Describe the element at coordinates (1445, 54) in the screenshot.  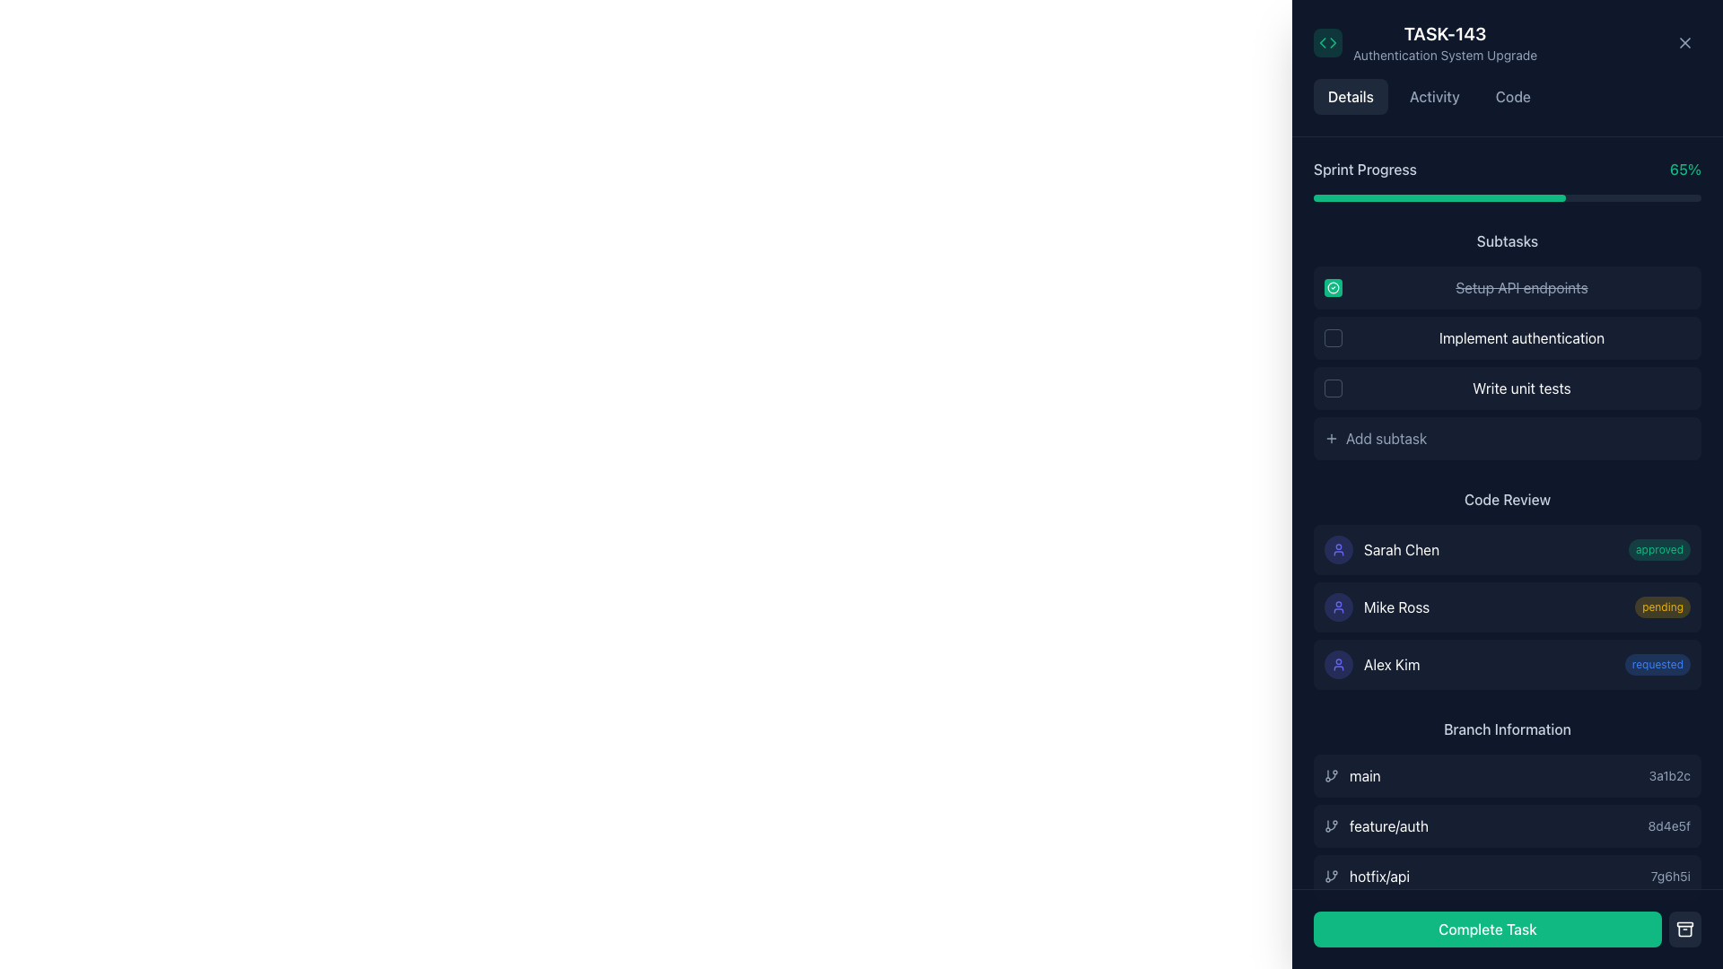
I see `the text label that serves as a subtitle for 'TASK-143', which is located just beneath the title in the interface` at that location.